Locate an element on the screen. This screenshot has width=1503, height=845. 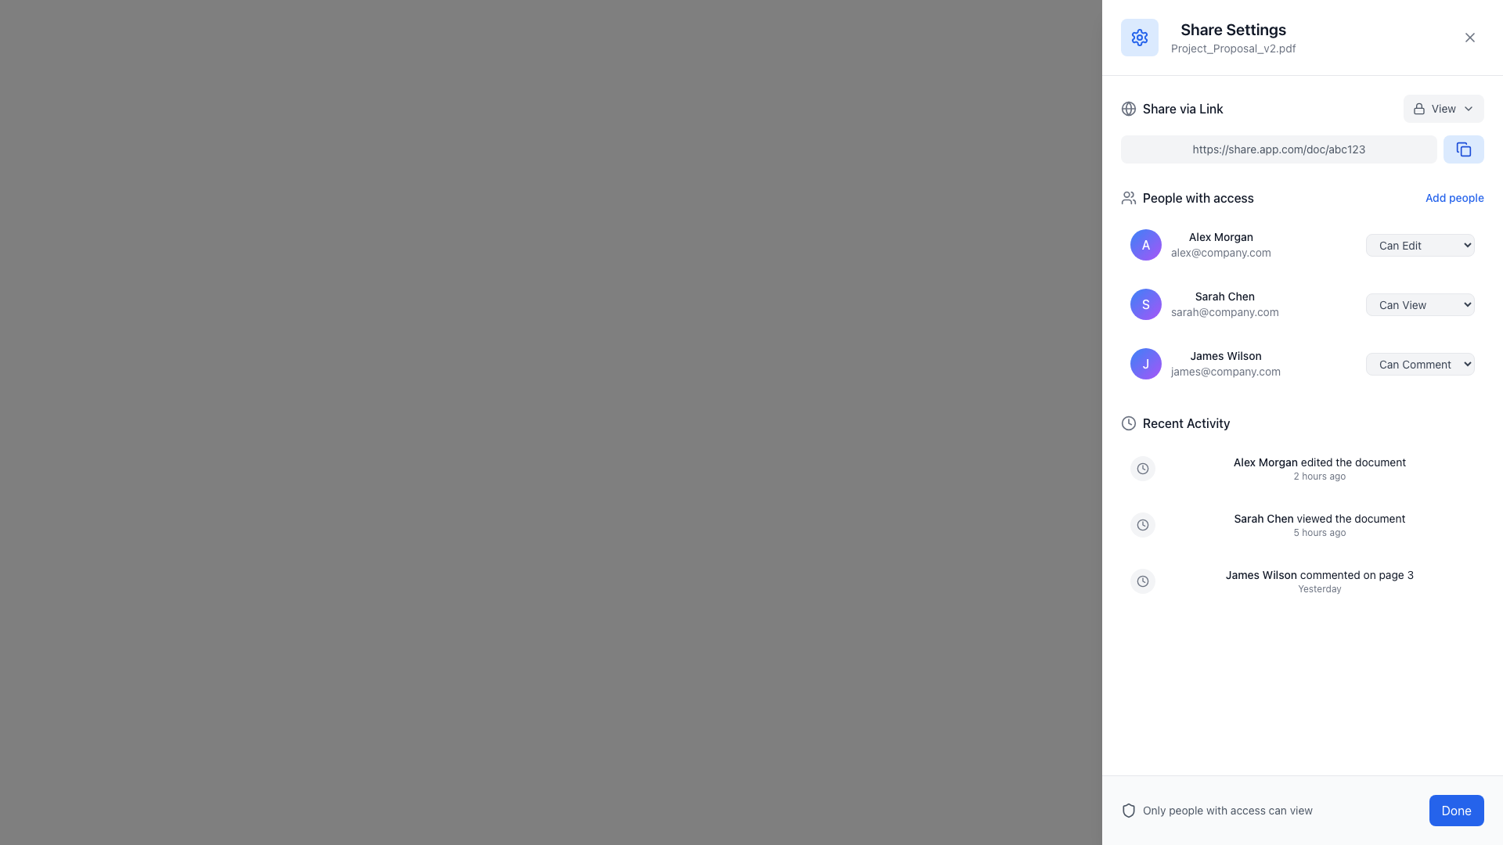
the Text label that serves as a header or title for the sharing settings in the side panel, located above the 'Project_Proposal_v2.pdf' label and to the right of the gear icon is located at coordinates (1232, 30).